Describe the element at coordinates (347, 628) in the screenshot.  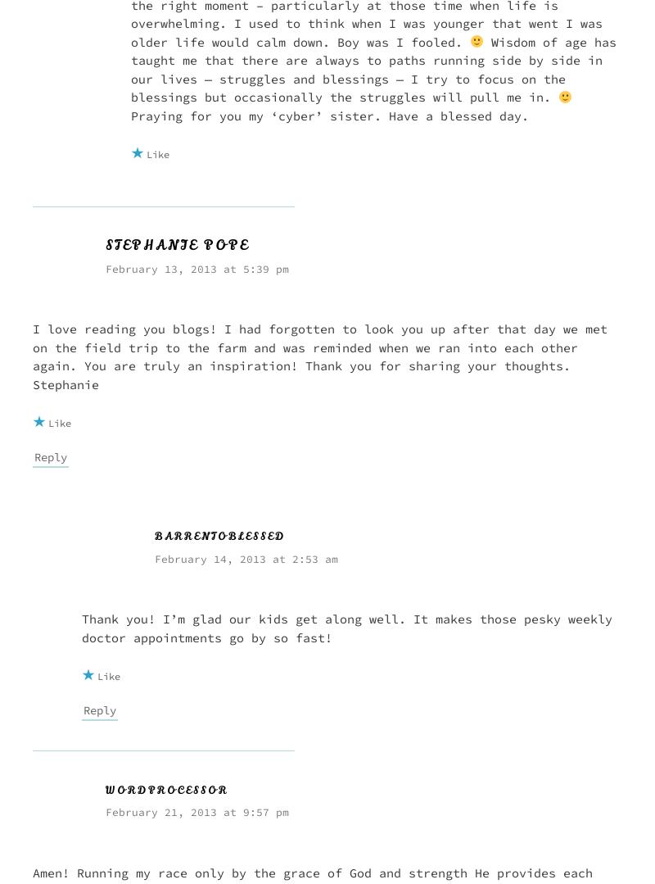
I see `'Thank you!  I’m glad our kids get along well.  It makes those pesky weekly doctor appointments go by so fast!'` at that location.